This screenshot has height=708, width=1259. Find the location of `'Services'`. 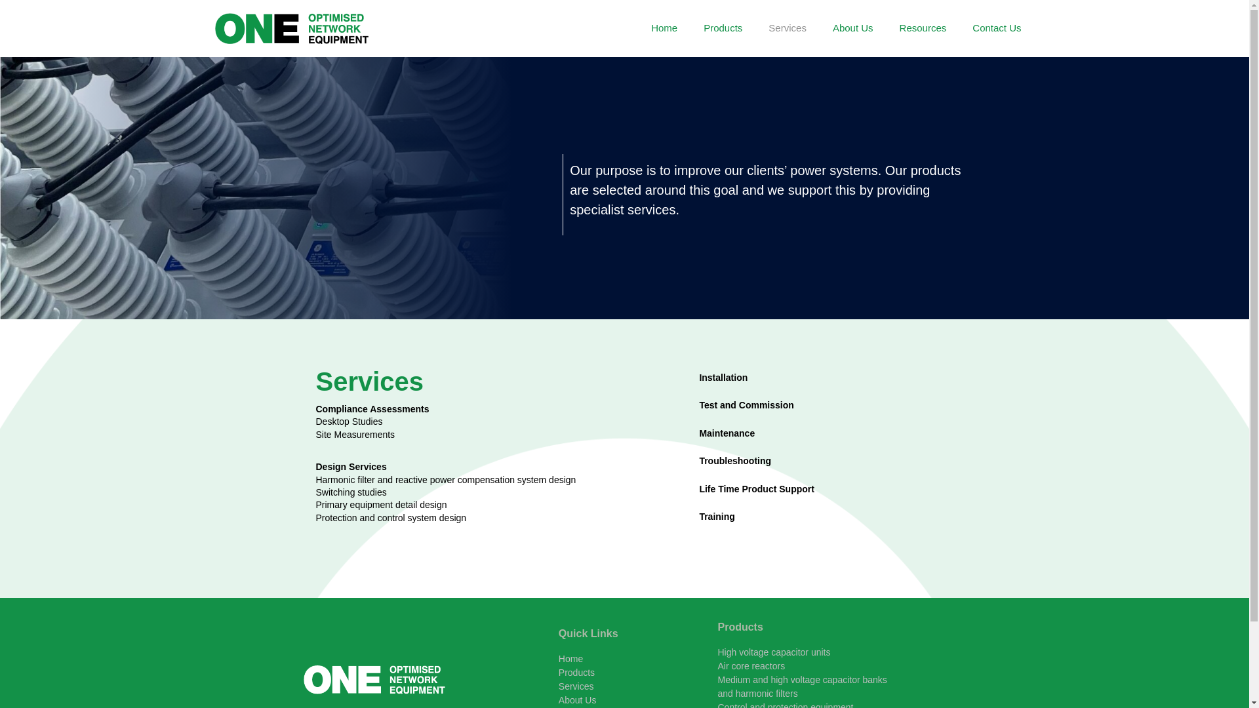

'Services' is located at coordinates (576, 685).